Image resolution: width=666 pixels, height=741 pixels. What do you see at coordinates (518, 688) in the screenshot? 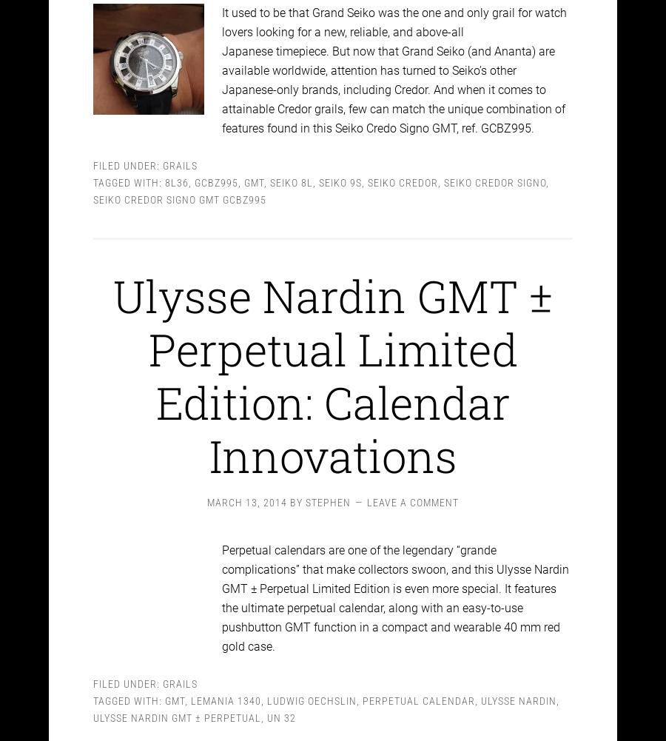
I see `'Ulysse Nardin'` at bounding box center [518, 688].